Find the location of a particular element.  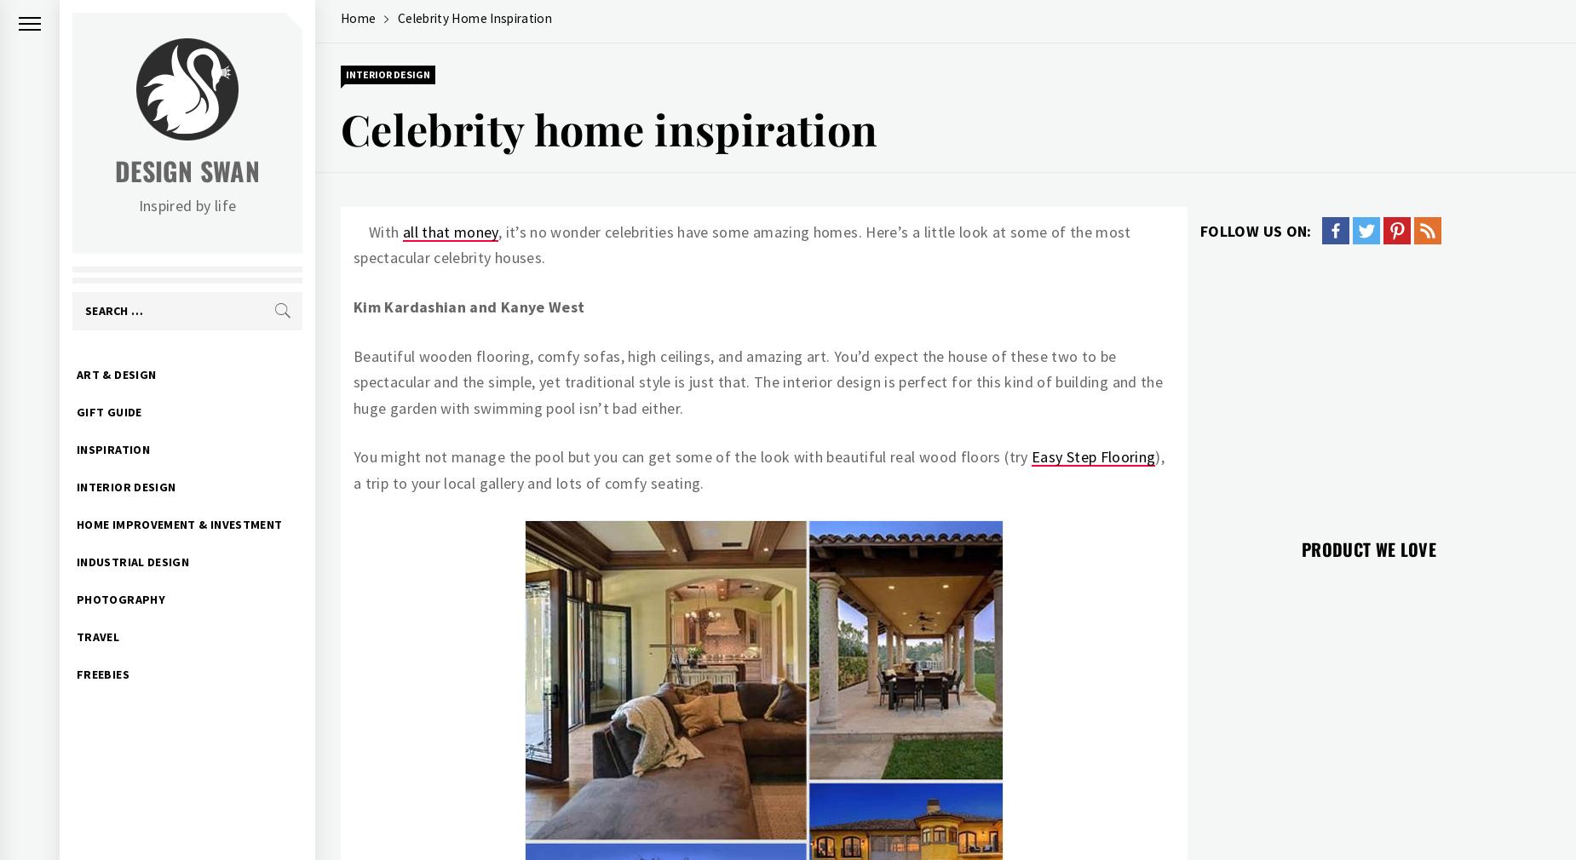

'Easy Step Flooring' is located at coordinates (1092, 456).